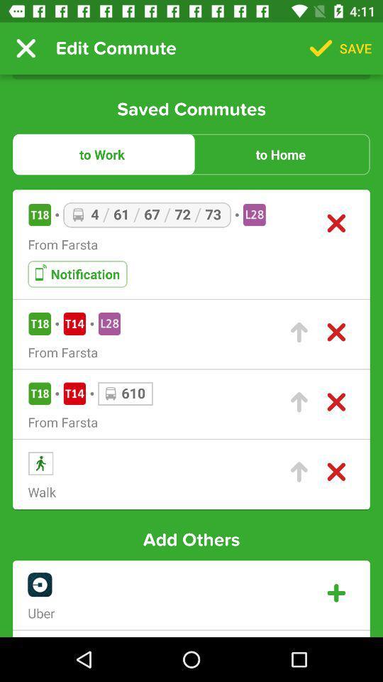 The height and width of the screenshot is (682, 383). I want to click on the item next to the to home item, so click(101, 154).